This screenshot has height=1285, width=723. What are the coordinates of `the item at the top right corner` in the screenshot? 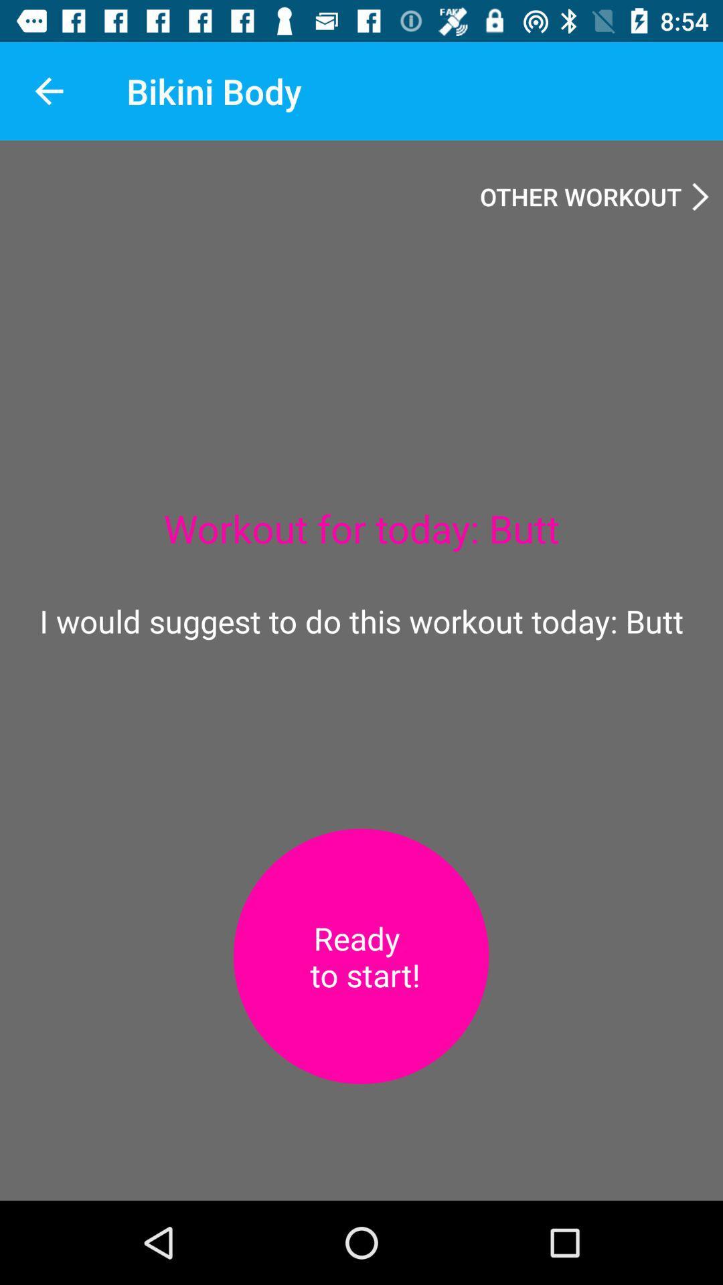 It's located at (593, 195).